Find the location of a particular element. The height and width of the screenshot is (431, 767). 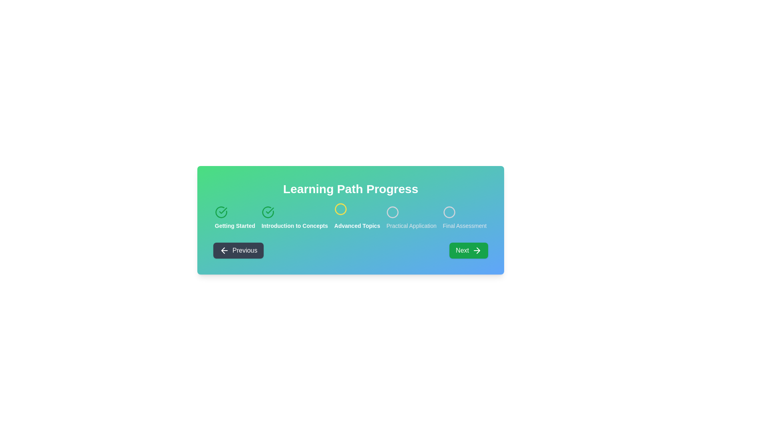

the status of the progress indicator circle representing the final step labeled 'Final Assessment', located at the far right of the progress bar is located at coordinates (449, 212).